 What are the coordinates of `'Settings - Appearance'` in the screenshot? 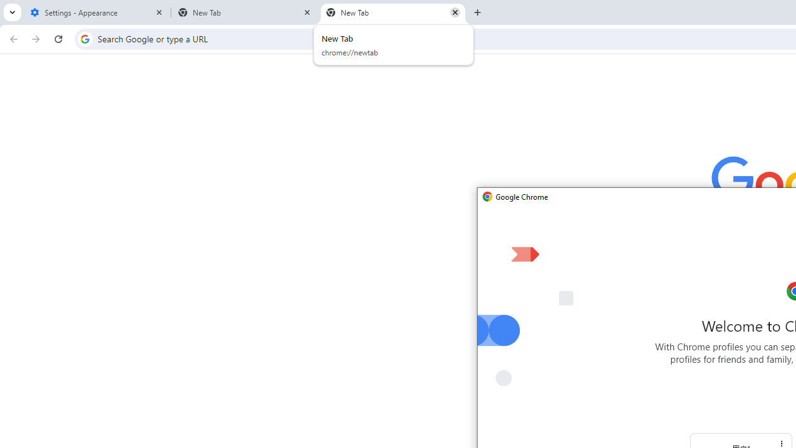 It's located at (96, 12).